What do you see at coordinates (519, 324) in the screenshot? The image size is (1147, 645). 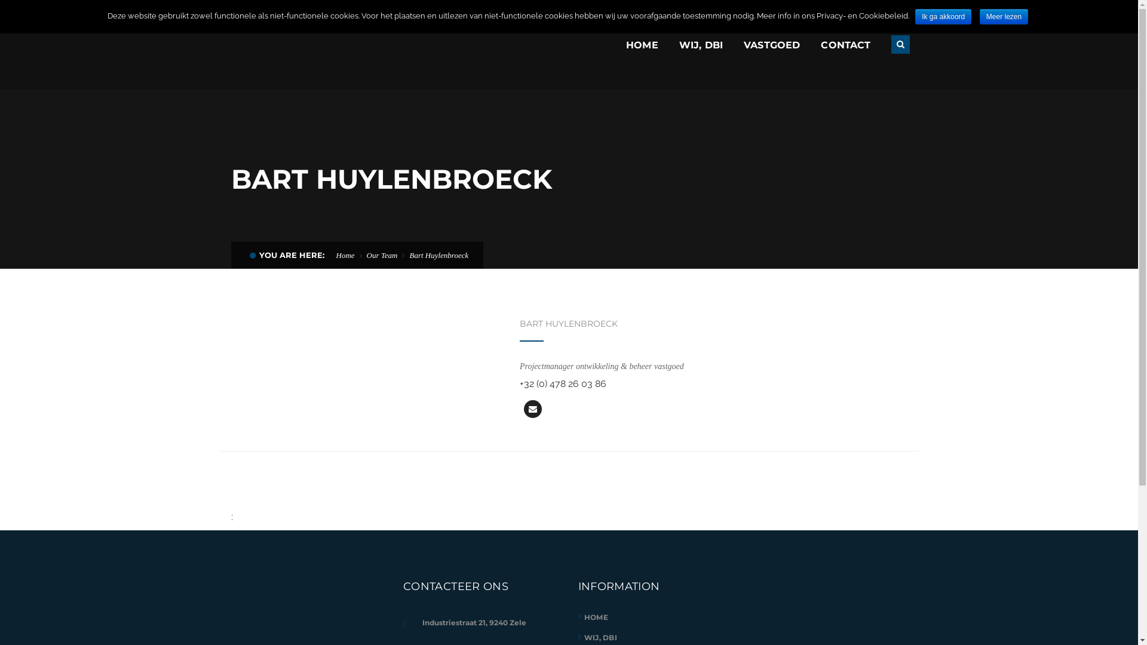 I see `'BART HUYLENBROECK'` at bounding box center [519, 324].